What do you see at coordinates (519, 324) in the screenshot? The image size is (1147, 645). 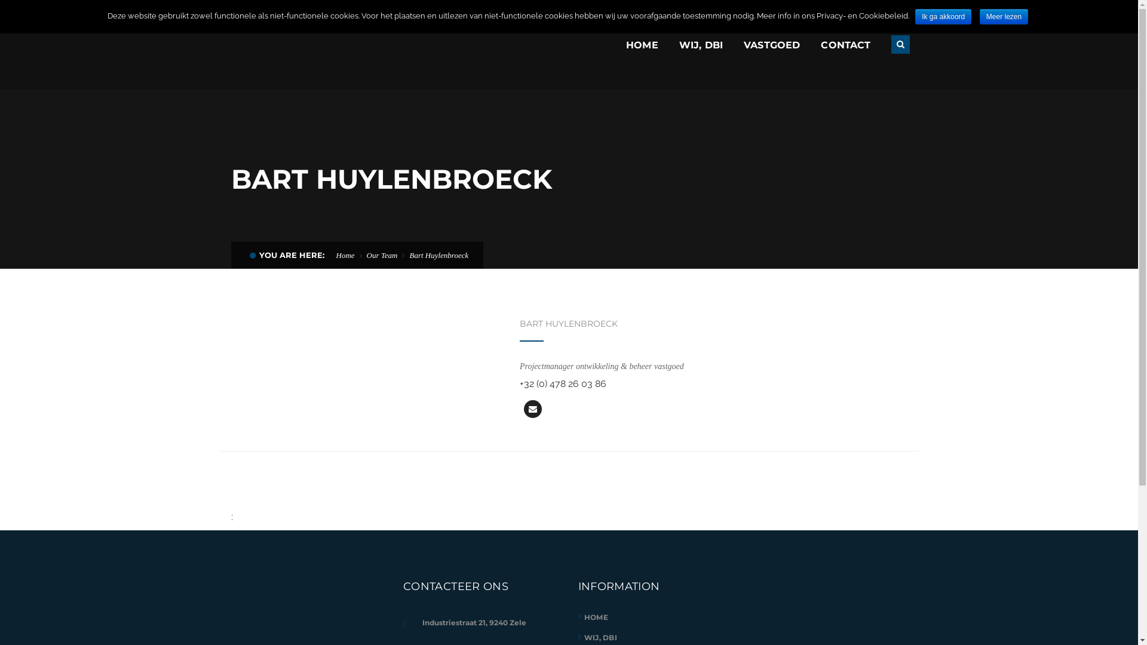 I see `'BART HUYLENBROECK'` at bounding box center [519, 324].